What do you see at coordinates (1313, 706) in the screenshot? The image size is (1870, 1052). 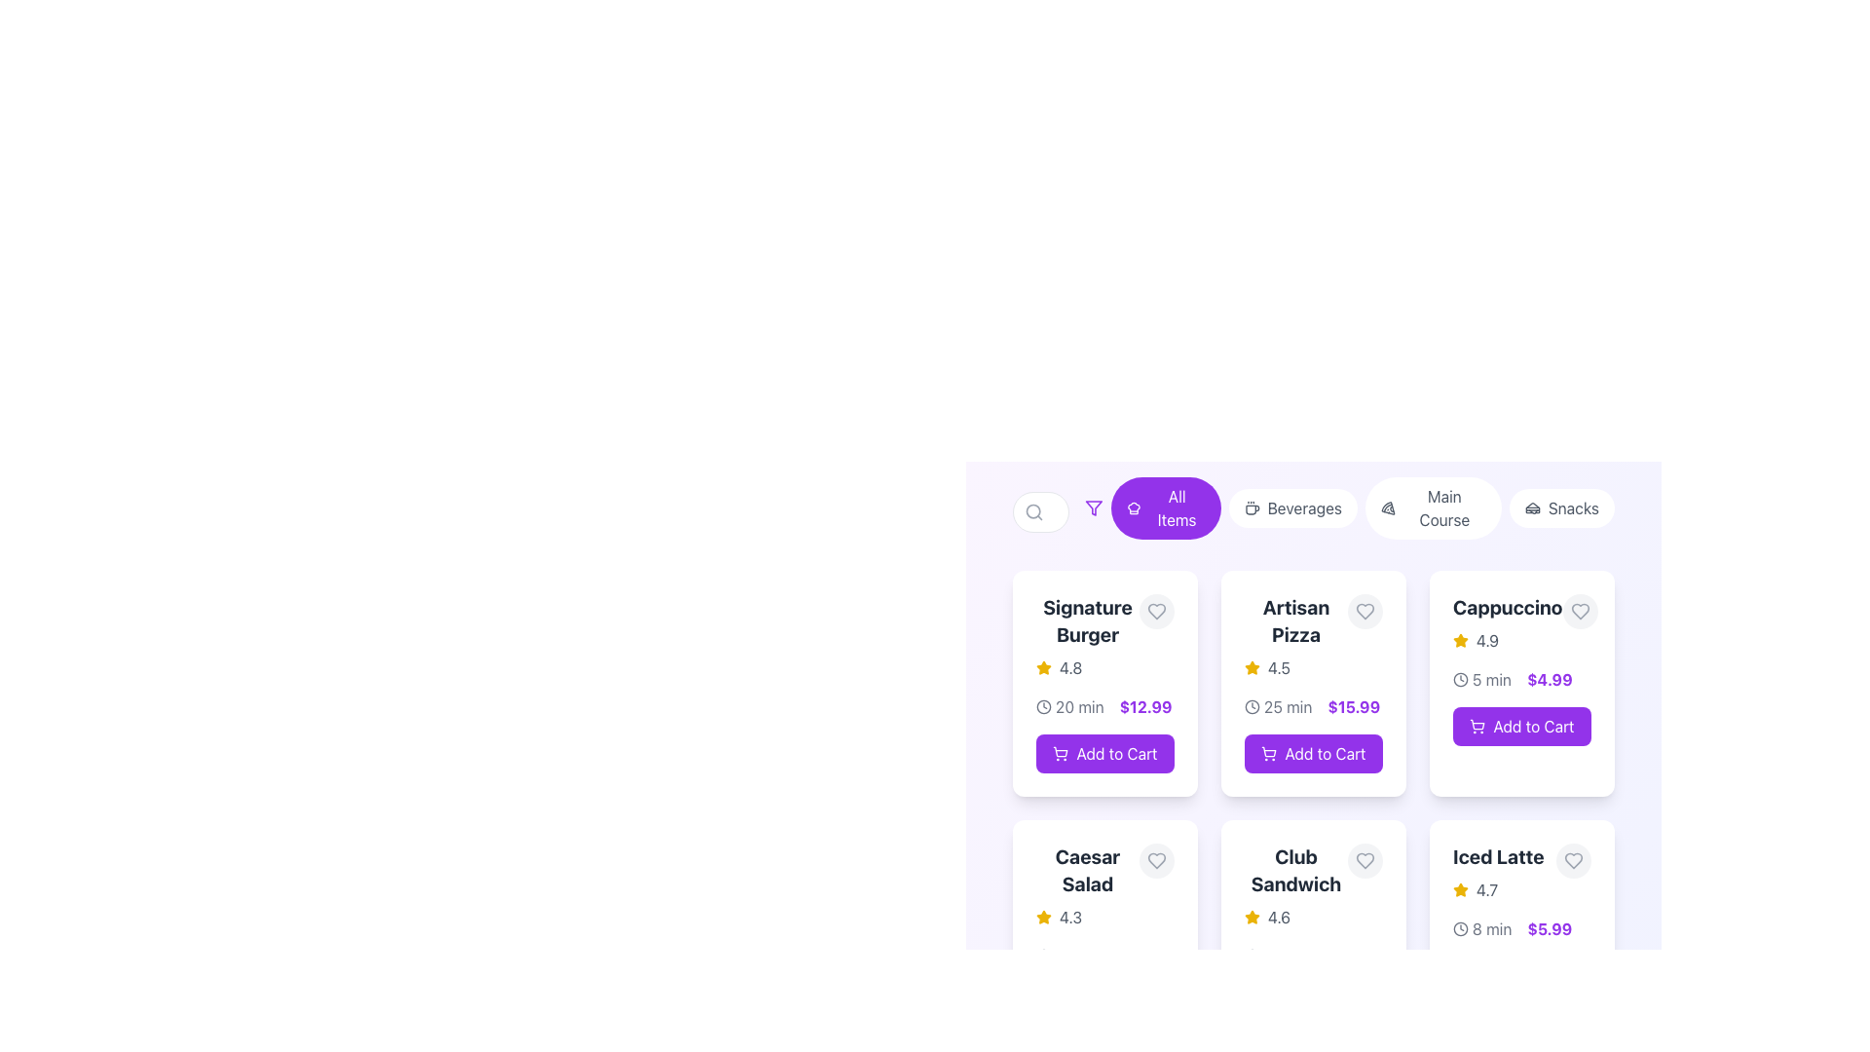 I see `the text display showing the estimated preparation time ('25 min') and price ('$15.99') for the 'Artisan Pizza' item located in the second card of the menu grid` at bounding box center [1313, 706].